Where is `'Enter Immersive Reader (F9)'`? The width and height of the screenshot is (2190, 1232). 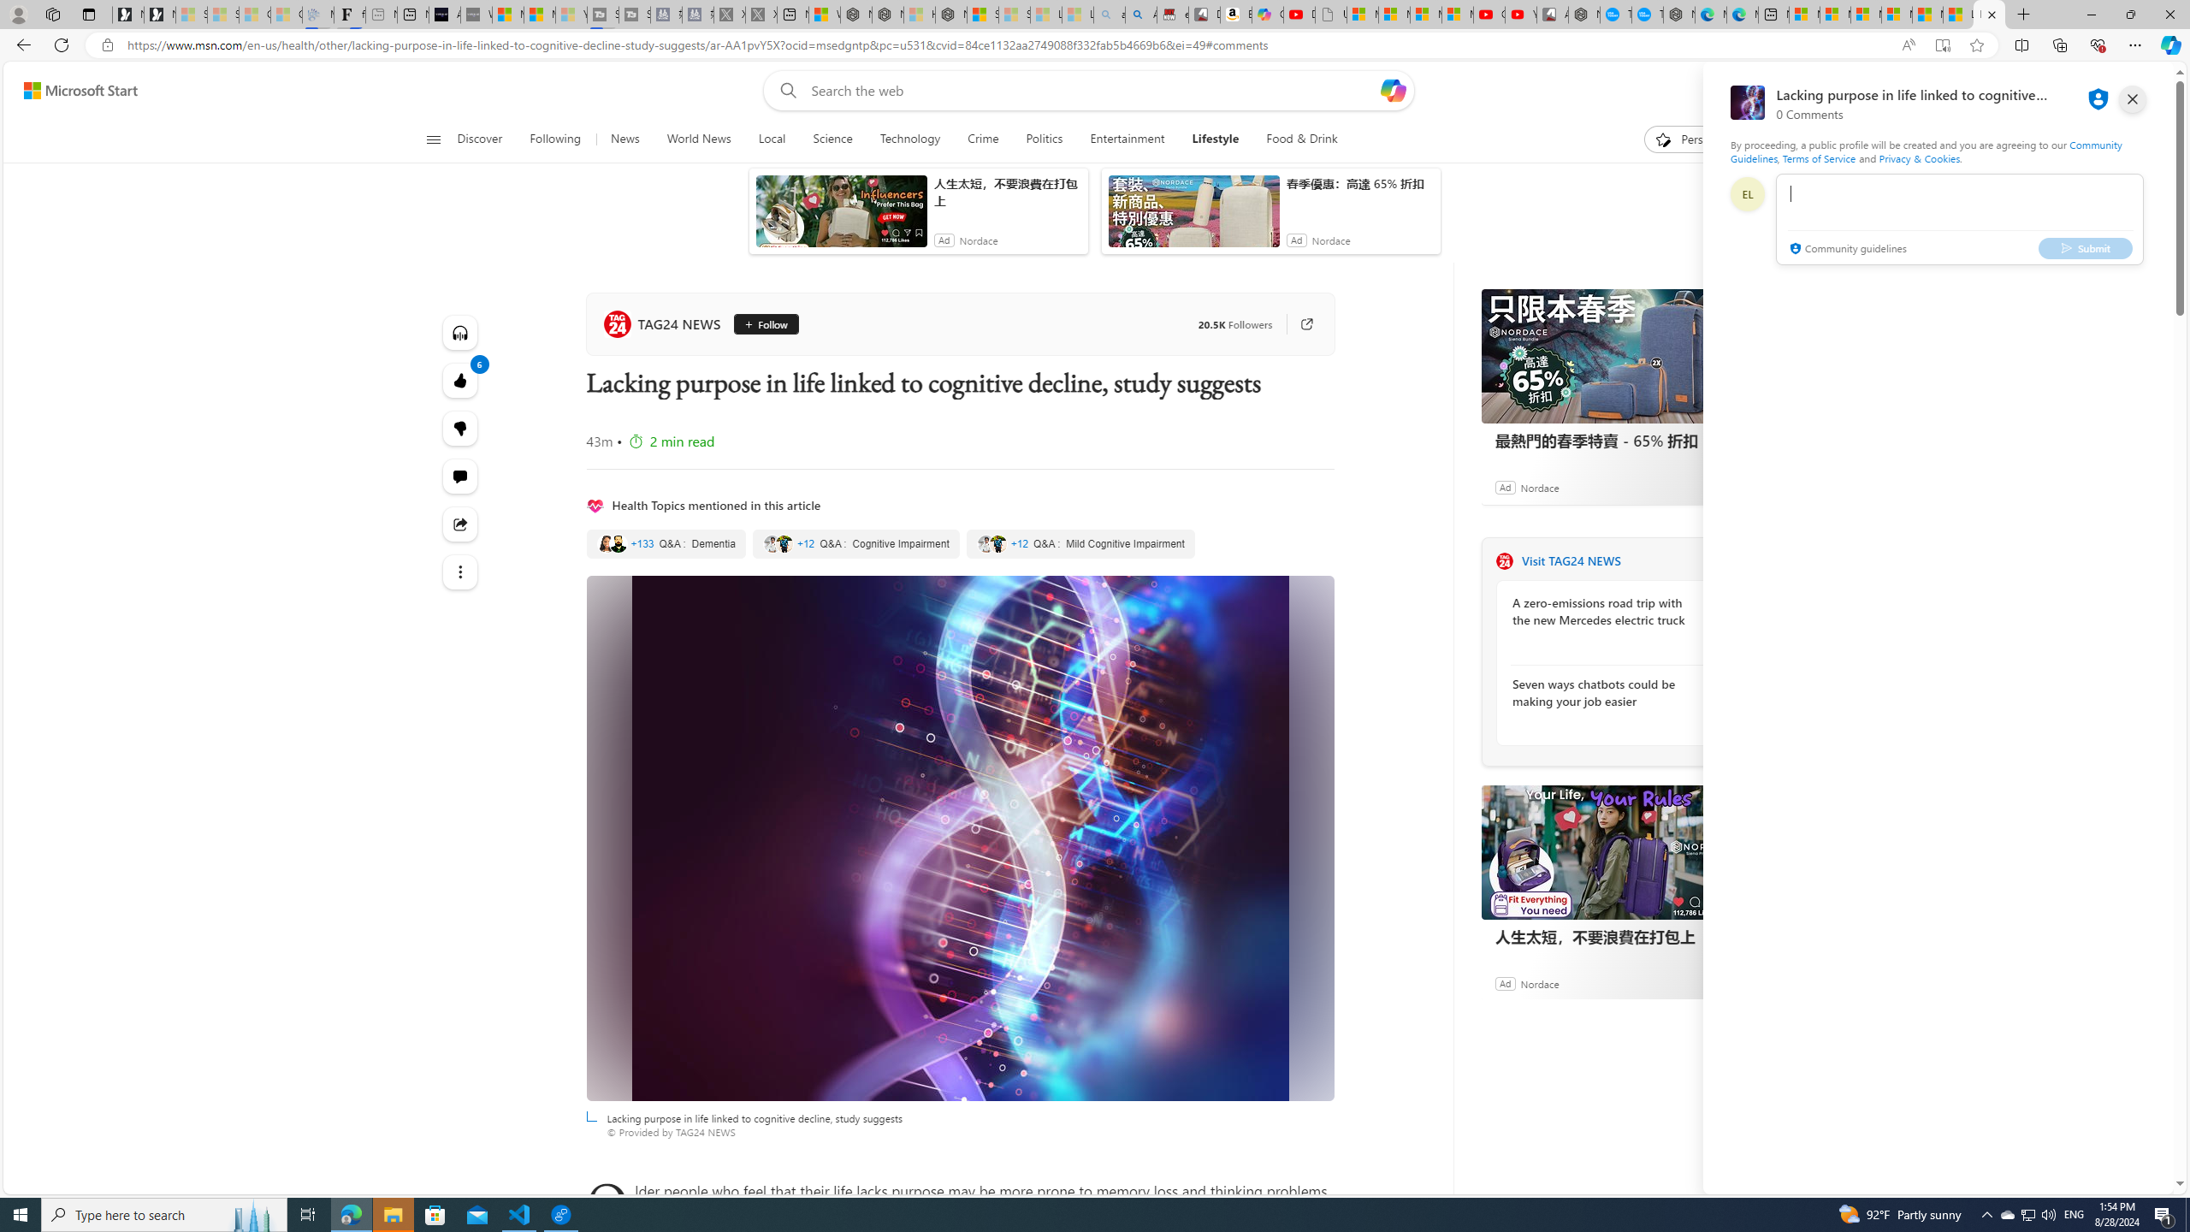
'Enter Immersive Reader (F9)' is located at coordinates (1942, 45).